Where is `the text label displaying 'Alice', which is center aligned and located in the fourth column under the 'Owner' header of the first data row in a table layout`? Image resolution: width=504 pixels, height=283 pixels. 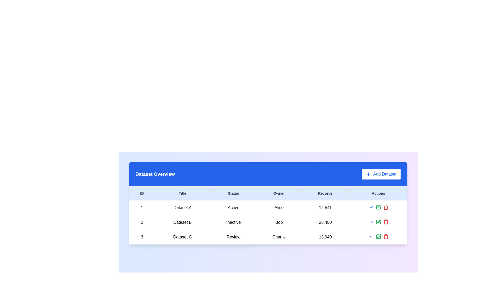
the text label displaying 'Alice', which is center aligned and located in the fourth column under the 'Owner' header of the first data row in a table layout is located at coordinates (279, 208).